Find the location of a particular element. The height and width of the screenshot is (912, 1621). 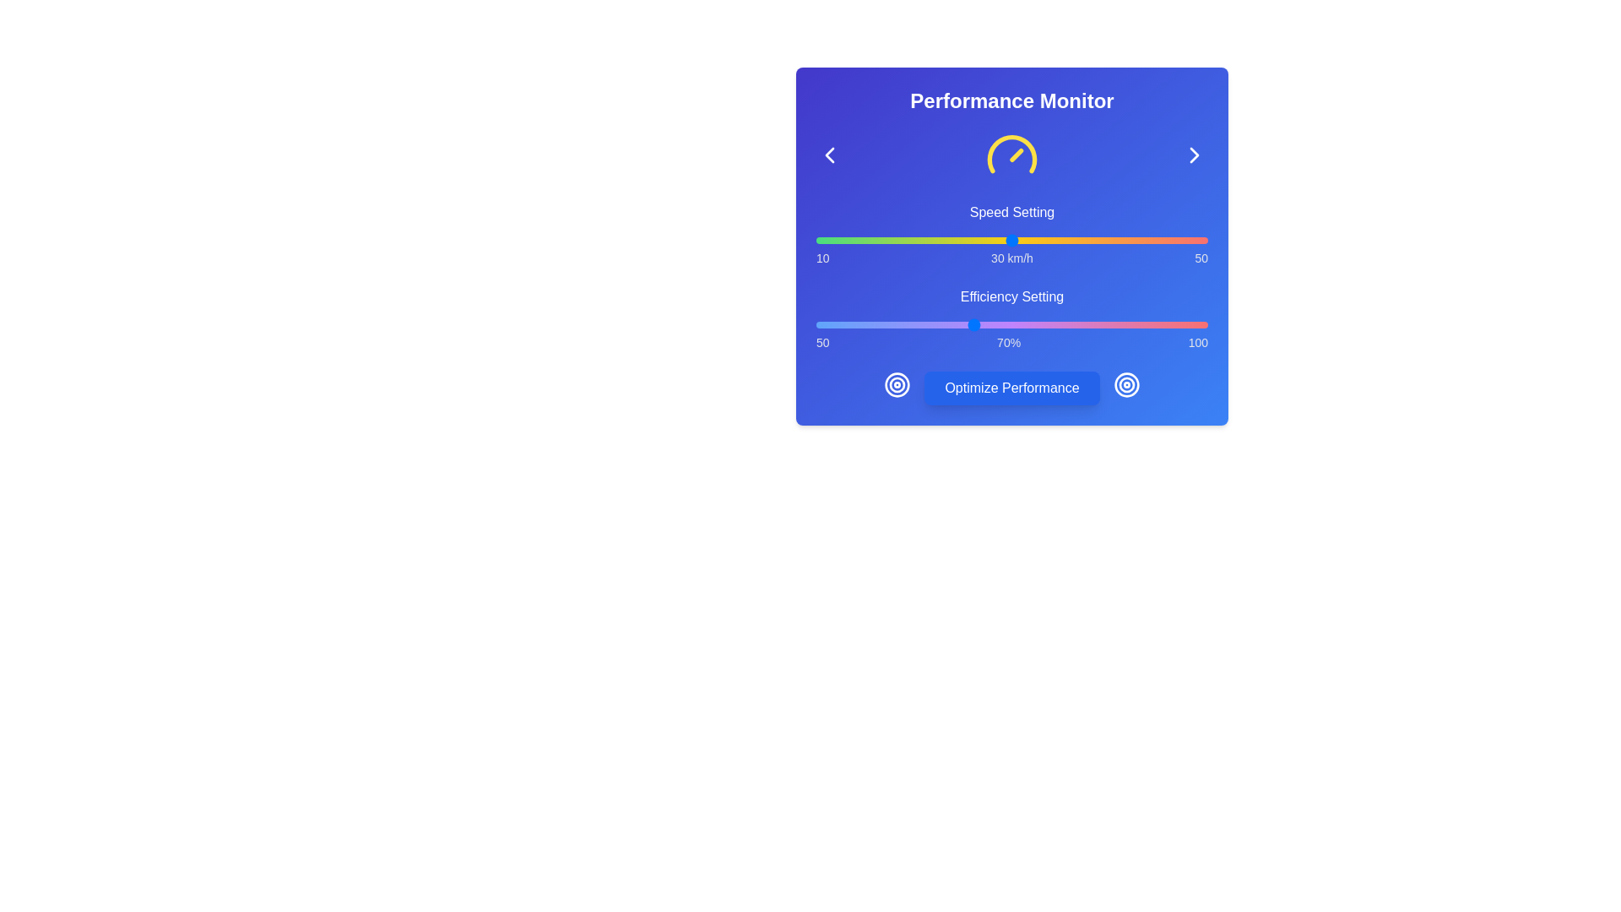

the speed setting to 28 km/h by interacting with the slider is located at coordinates (992, 241).